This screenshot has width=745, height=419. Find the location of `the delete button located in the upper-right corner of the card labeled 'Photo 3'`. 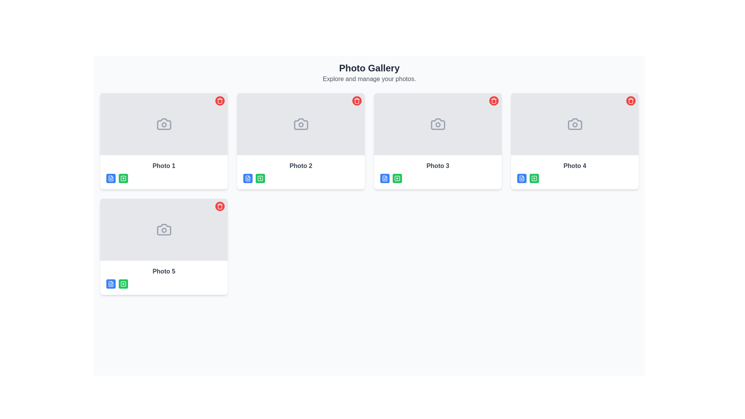

the delete button located in the upper-right corner of the card labeled 'Photo 3' is located at coordinates (493, 100).